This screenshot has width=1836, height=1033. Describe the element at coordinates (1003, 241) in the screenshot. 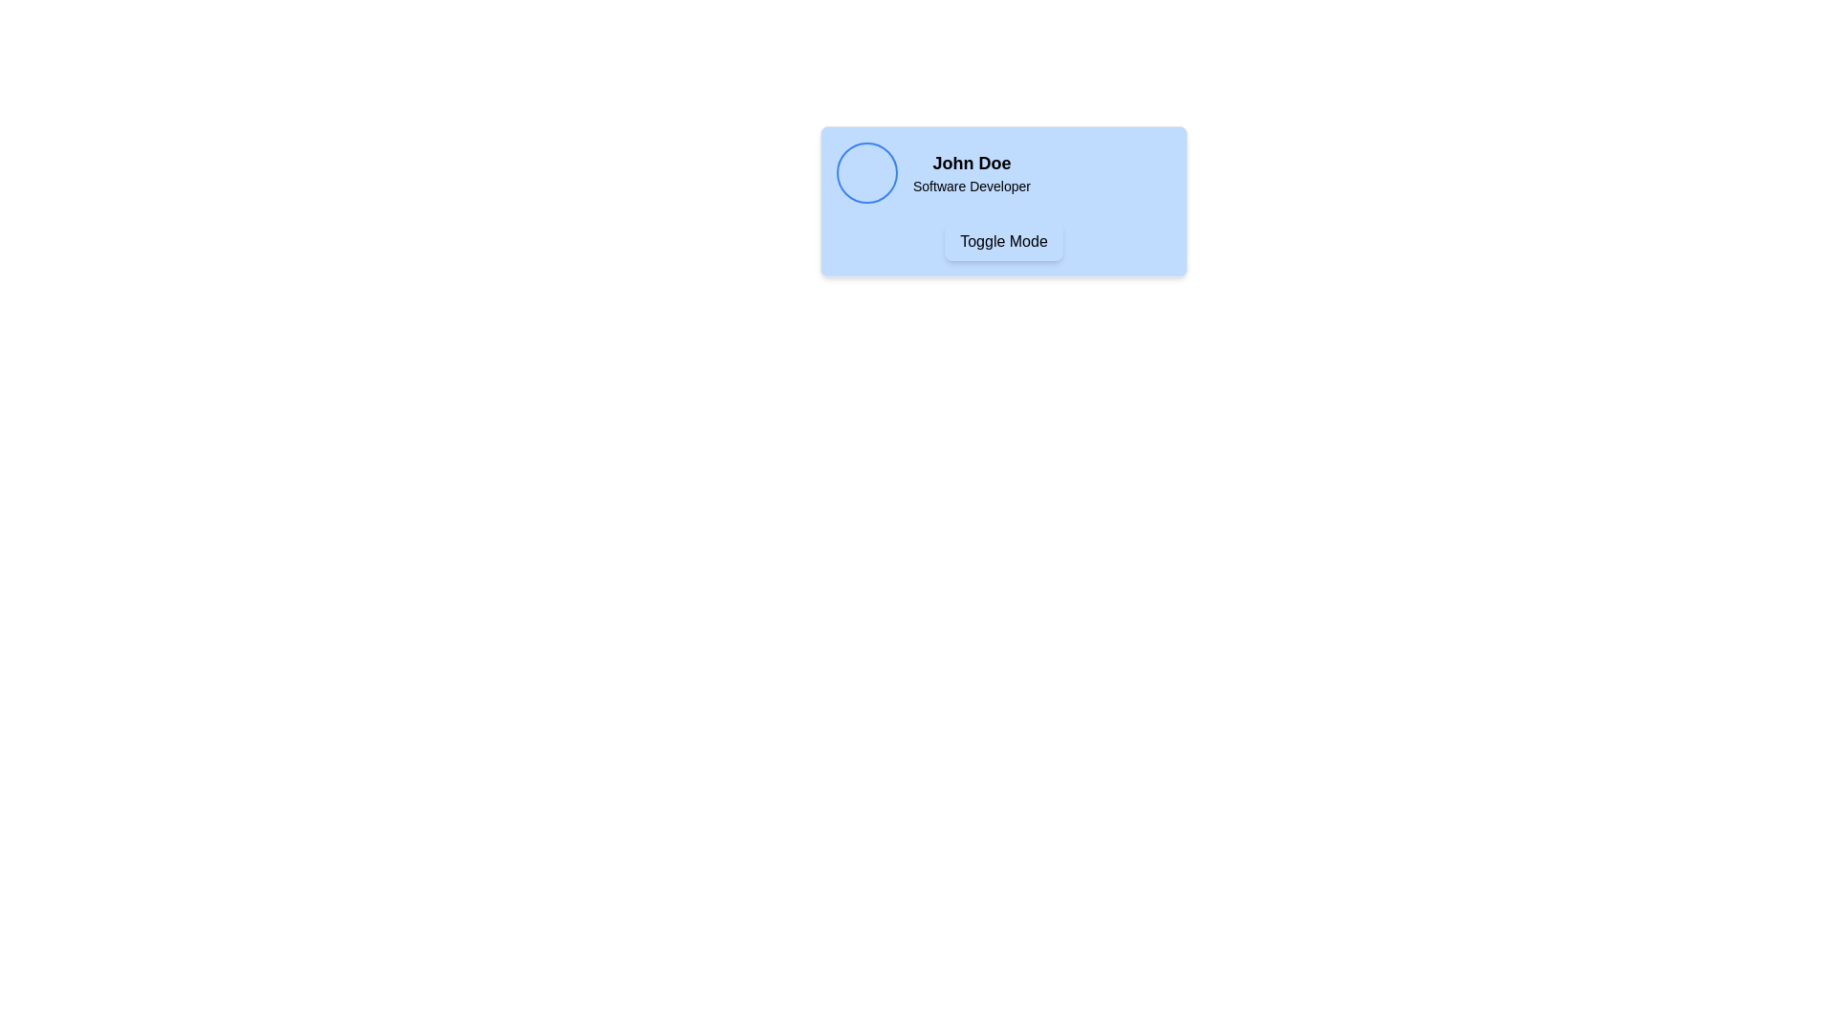

I see `the 'Toggle Mode' button, which is a rectangular button with a light theme and rounded borders, located below the name and profession text in the card section` at that location.